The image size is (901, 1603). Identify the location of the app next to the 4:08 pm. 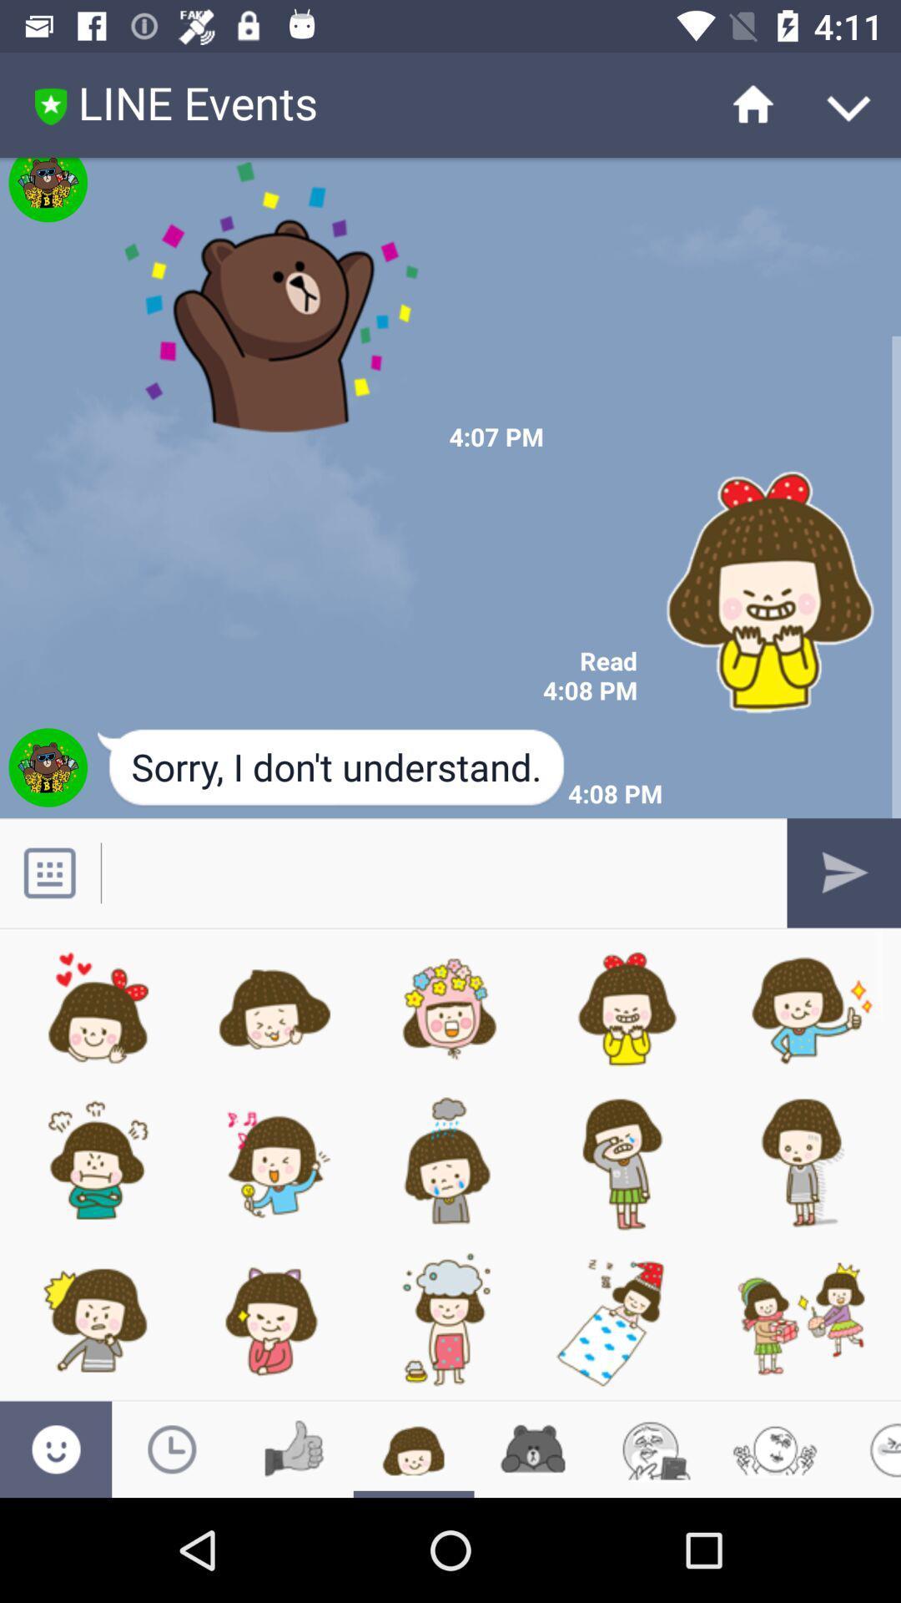
(332, 768).